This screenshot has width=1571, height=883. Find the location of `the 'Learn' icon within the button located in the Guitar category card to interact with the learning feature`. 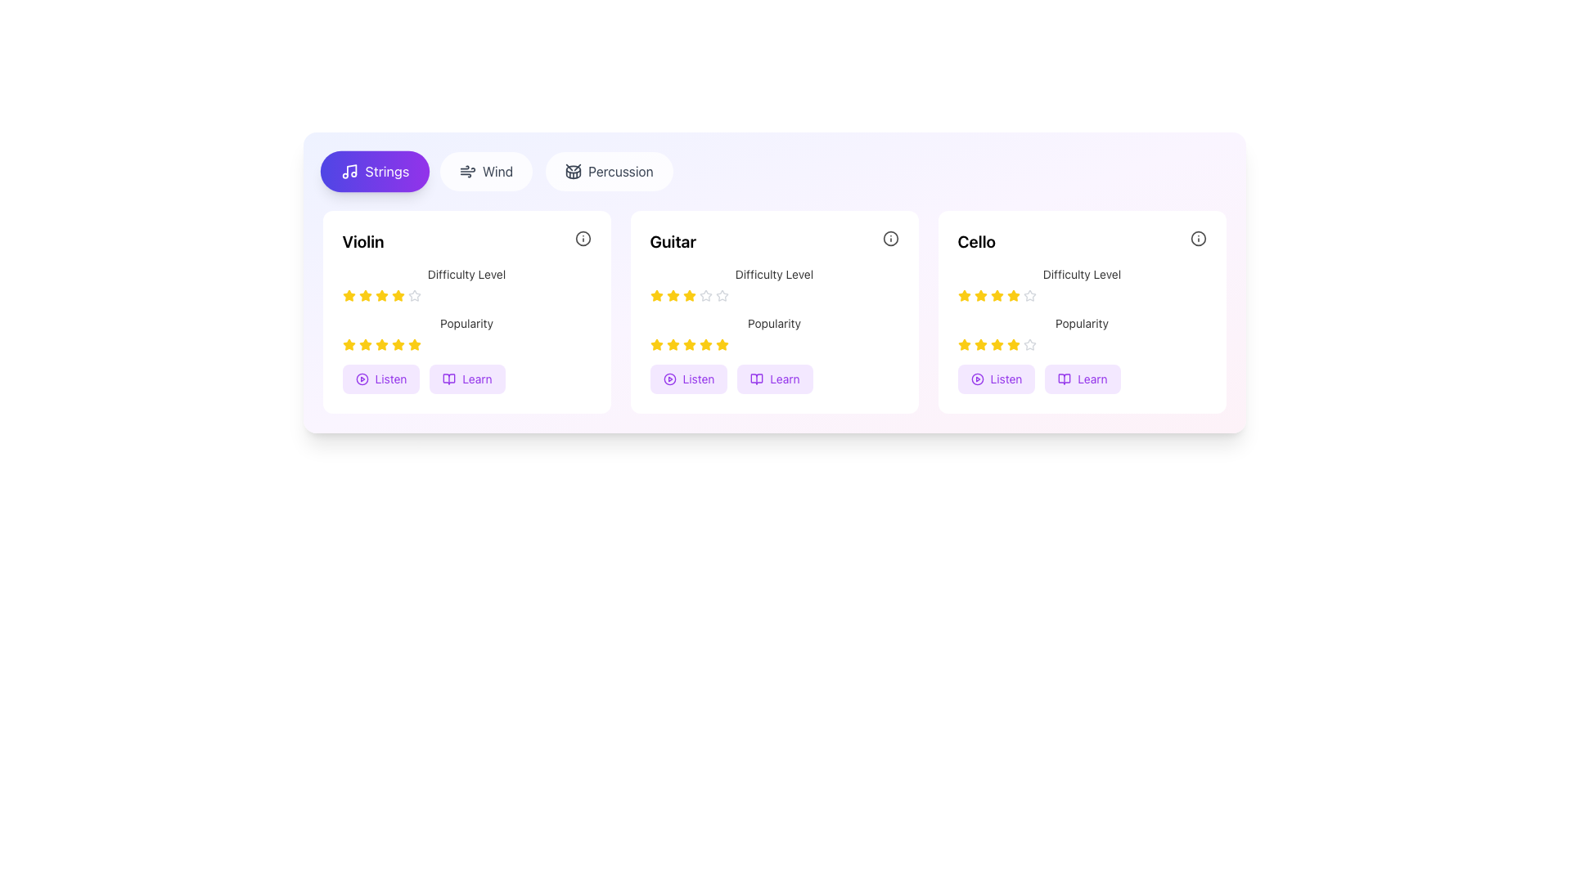

the 'Learn' icon within the button located in the Guitar category card to interact with the learning feature is located at coordinates (756, 379).